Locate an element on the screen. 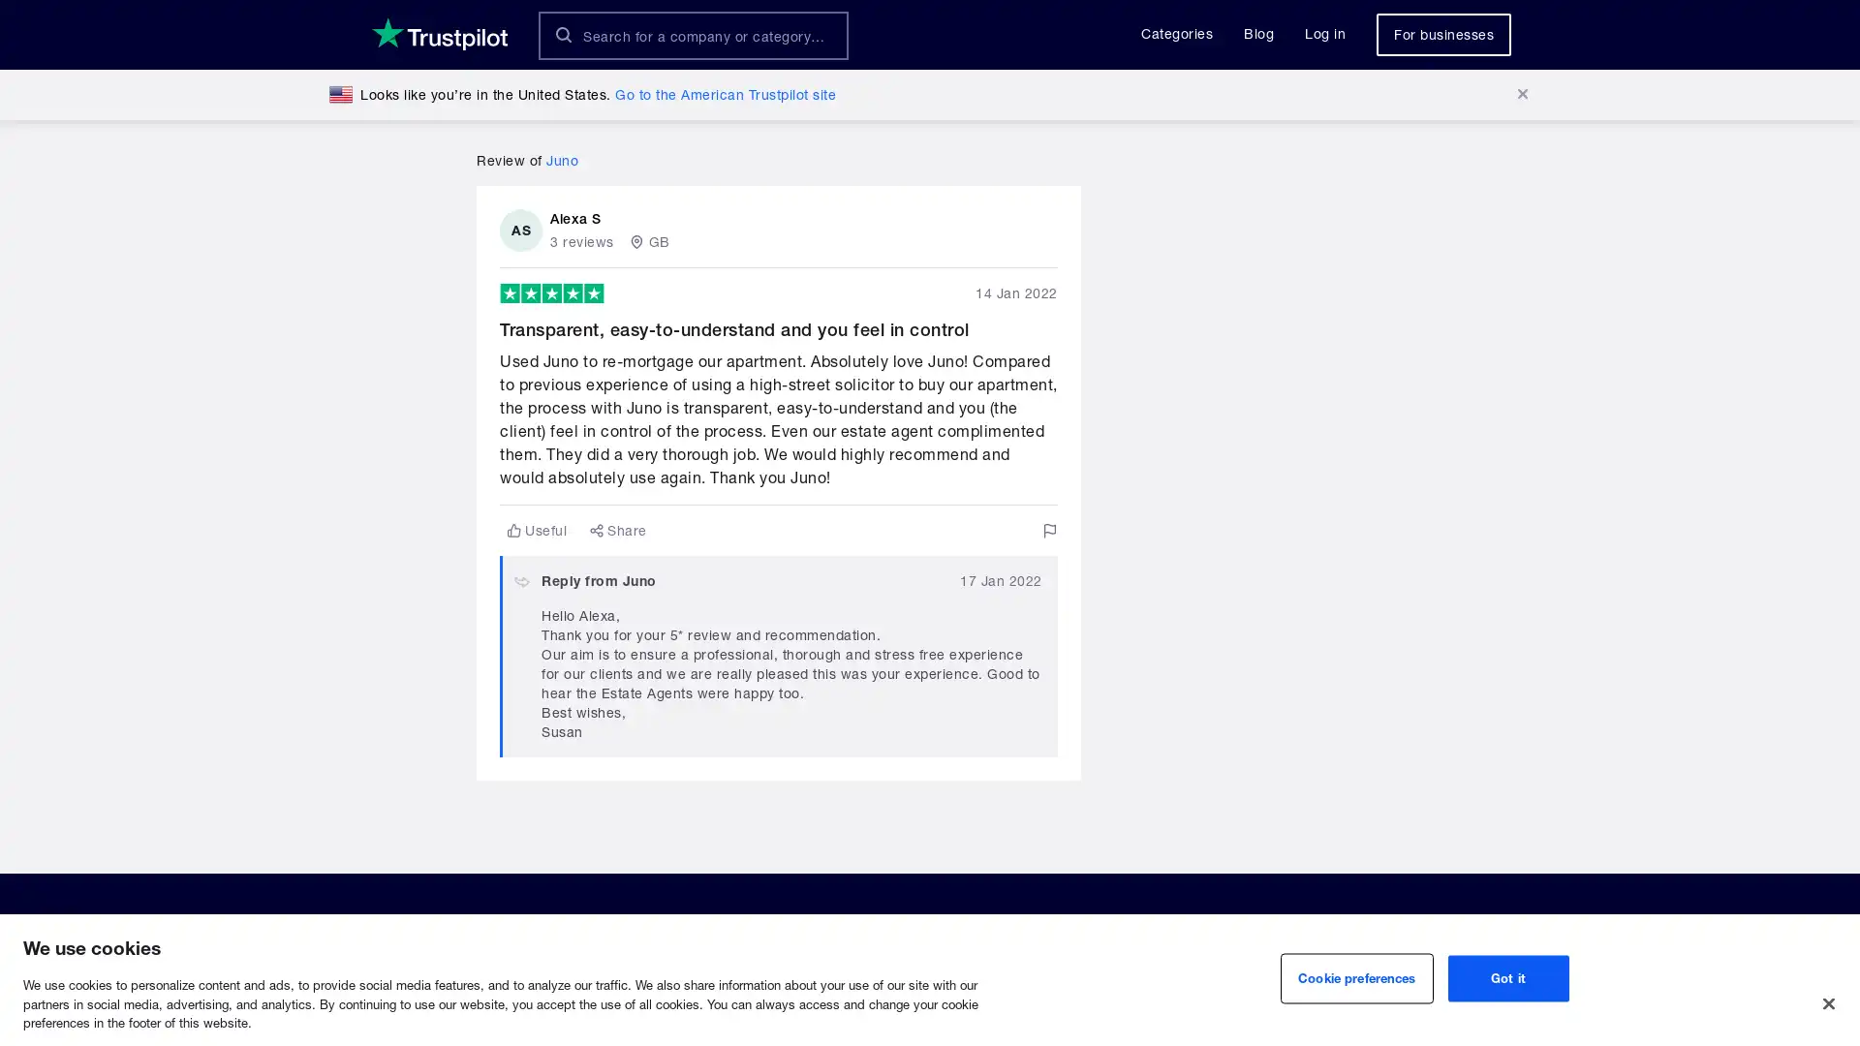 Image resolution: width=1860 pixels, height=1046 pixels. Dismiss is located at coordinates (1521, 94).